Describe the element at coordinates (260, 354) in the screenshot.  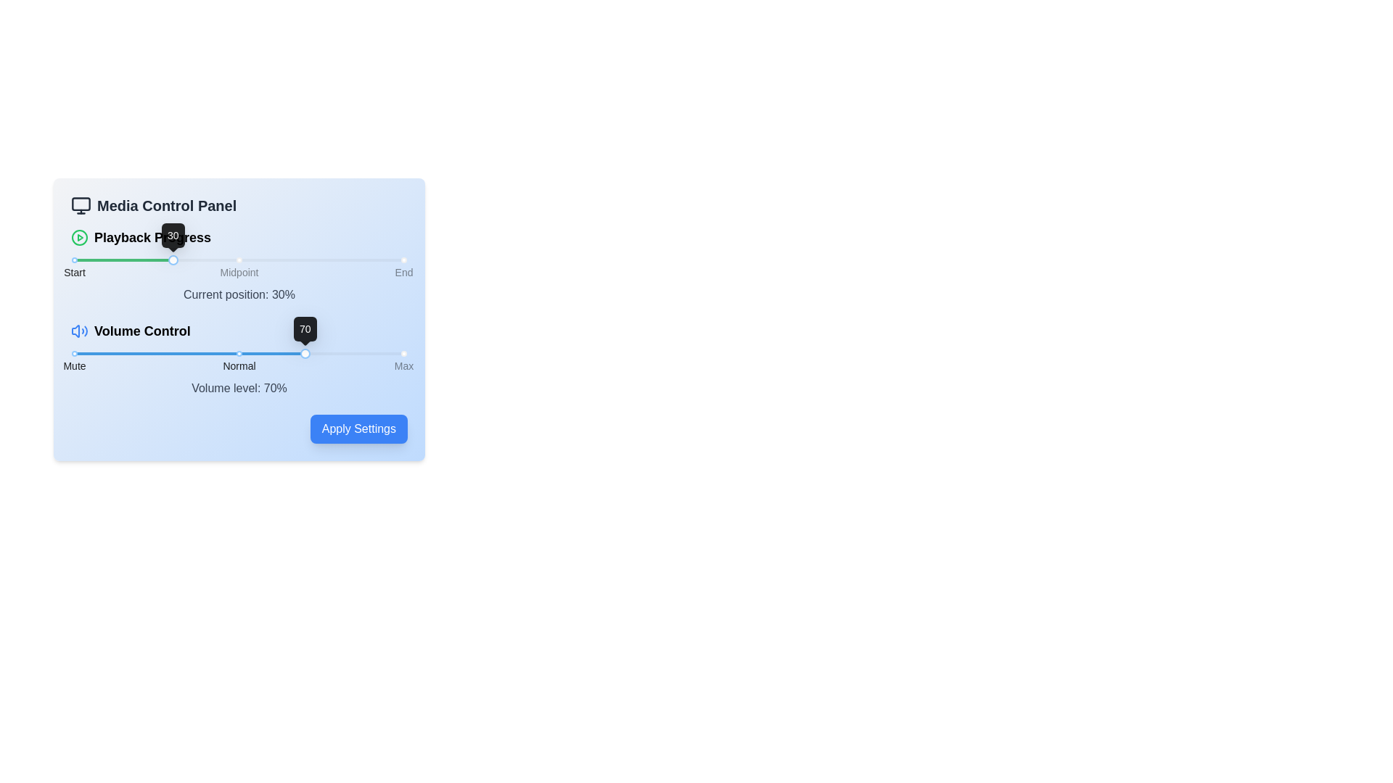
I see `the volume` at that location.